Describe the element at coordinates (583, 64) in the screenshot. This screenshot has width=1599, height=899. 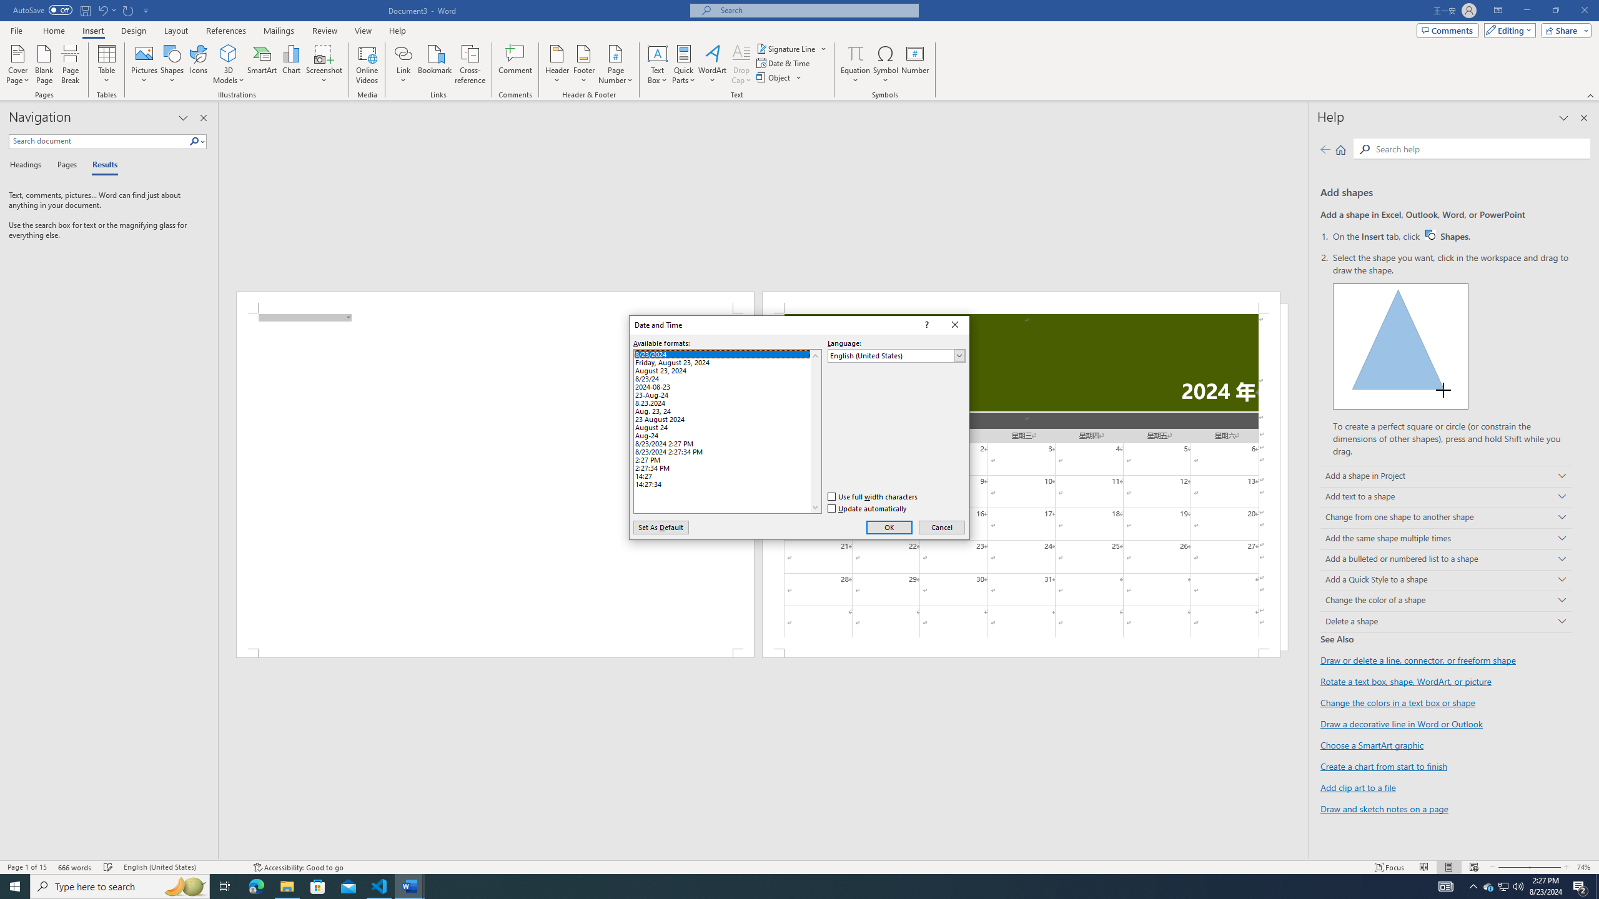
I see `'Footer'` at that location.